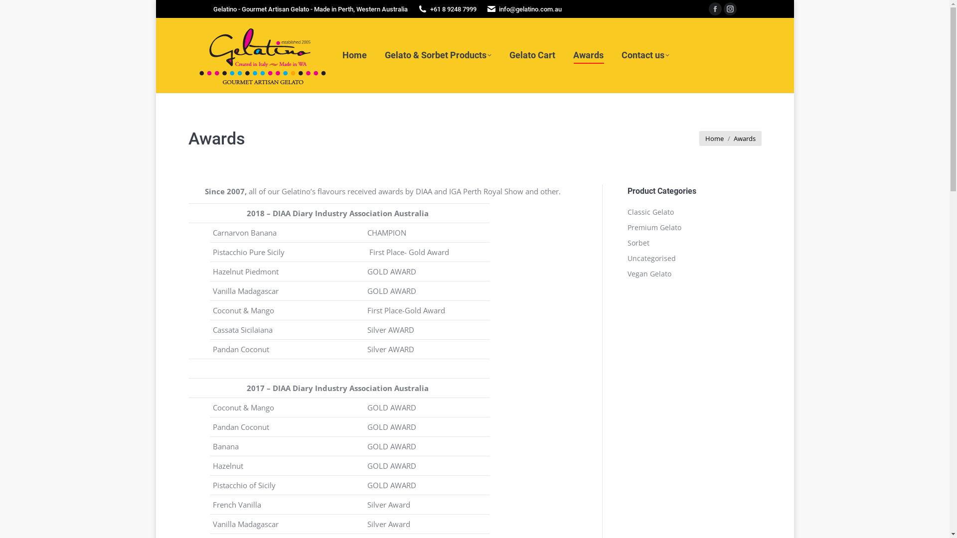 The height and width of the screenshot is (538, 957). I want to click on 'Sorbet', so click(638, 243).